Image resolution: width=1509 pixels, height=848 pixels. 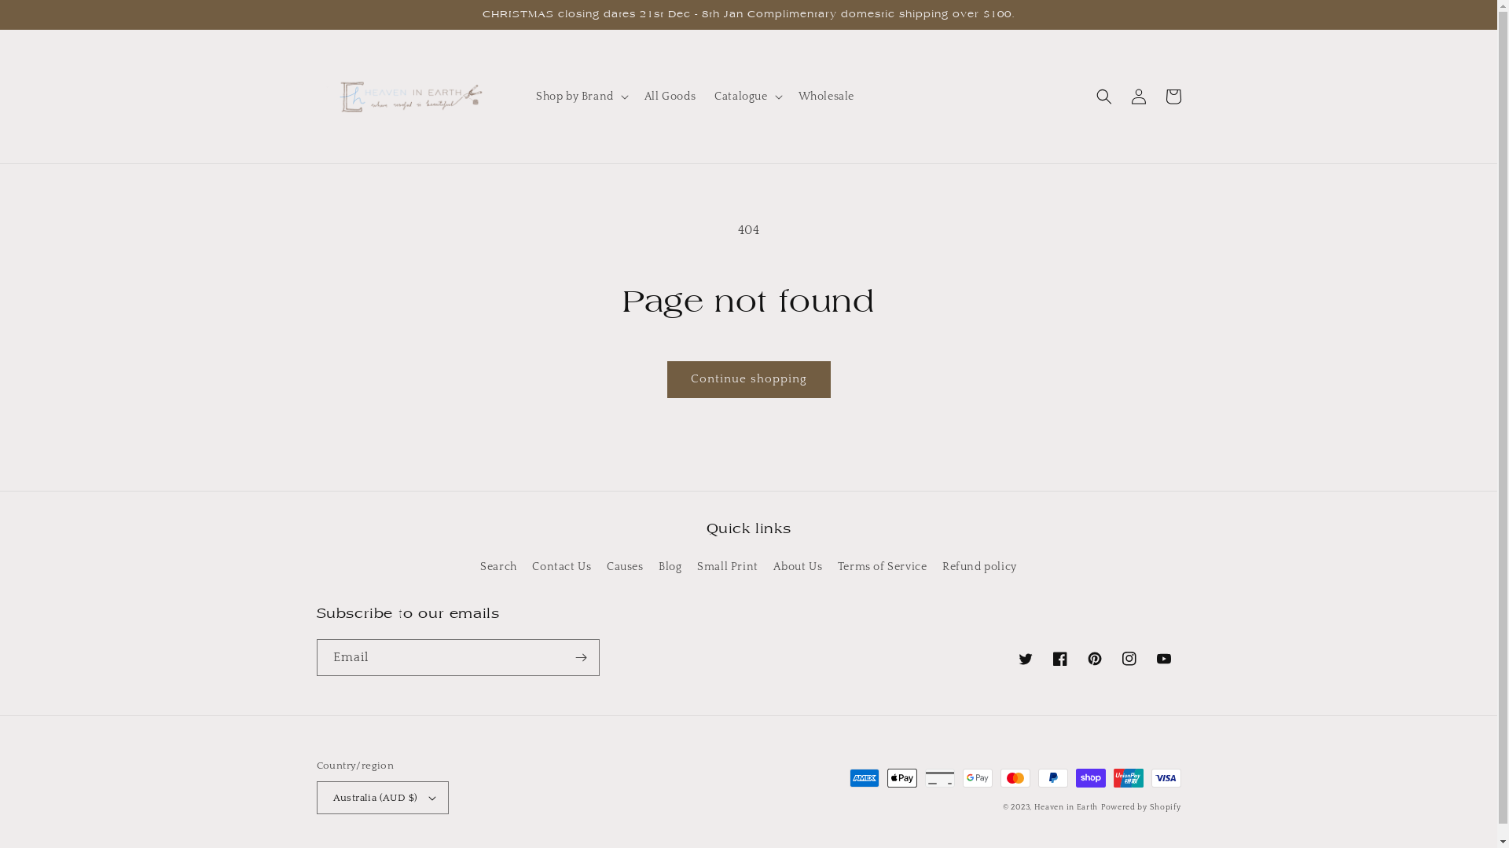 I want to click on 'Twitter', so click(x=1025, y=659).